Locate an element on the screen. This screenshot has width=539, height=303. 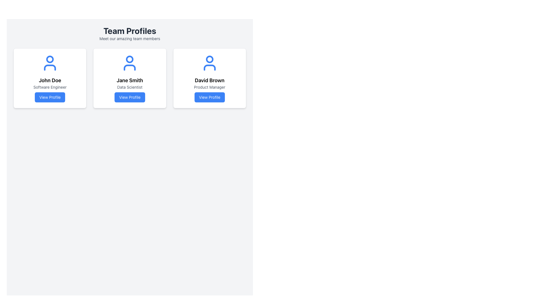
the lower part of the user profile icon representing the outline of shoulders and torso in a minimalistic design within the profile card labeled 'Jane Smith' is located at coordinates (129, 67).